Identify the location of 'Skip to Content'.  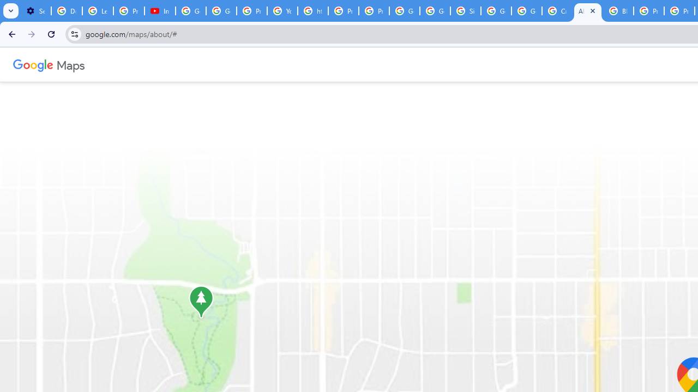
(143, 63).